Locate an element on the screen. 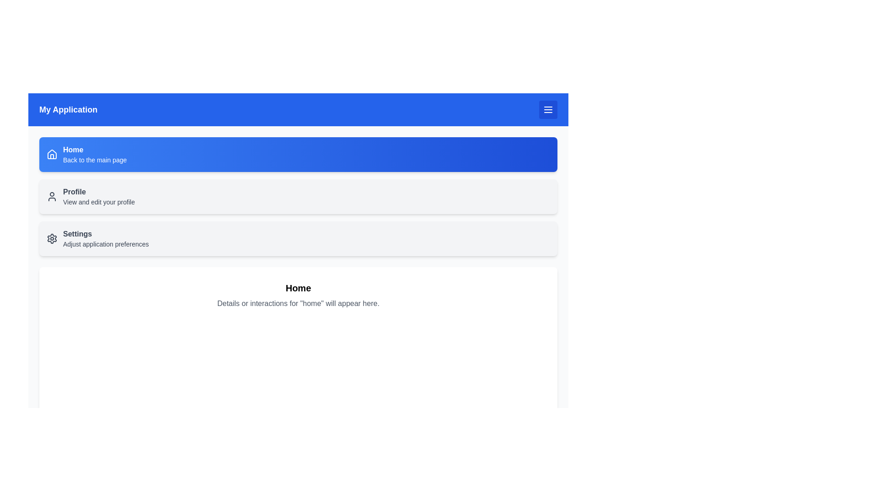 The height and width of the screenshot is (494, 878). the gear icon representing the settings menu, which visually indicates the option to adjust system or application configurations is located at coordinates (52, 238).